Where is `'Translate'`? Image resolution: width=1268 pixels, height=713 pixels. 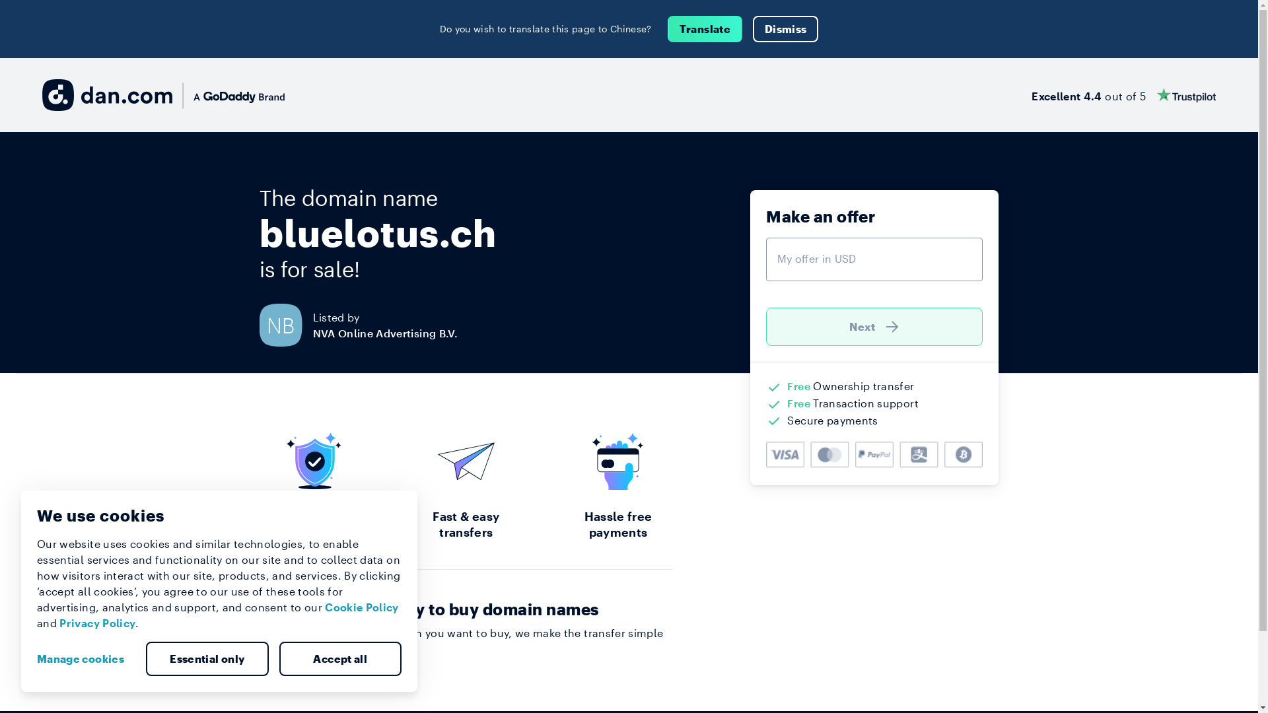
'Translate' is located at coordinates (704, 28).